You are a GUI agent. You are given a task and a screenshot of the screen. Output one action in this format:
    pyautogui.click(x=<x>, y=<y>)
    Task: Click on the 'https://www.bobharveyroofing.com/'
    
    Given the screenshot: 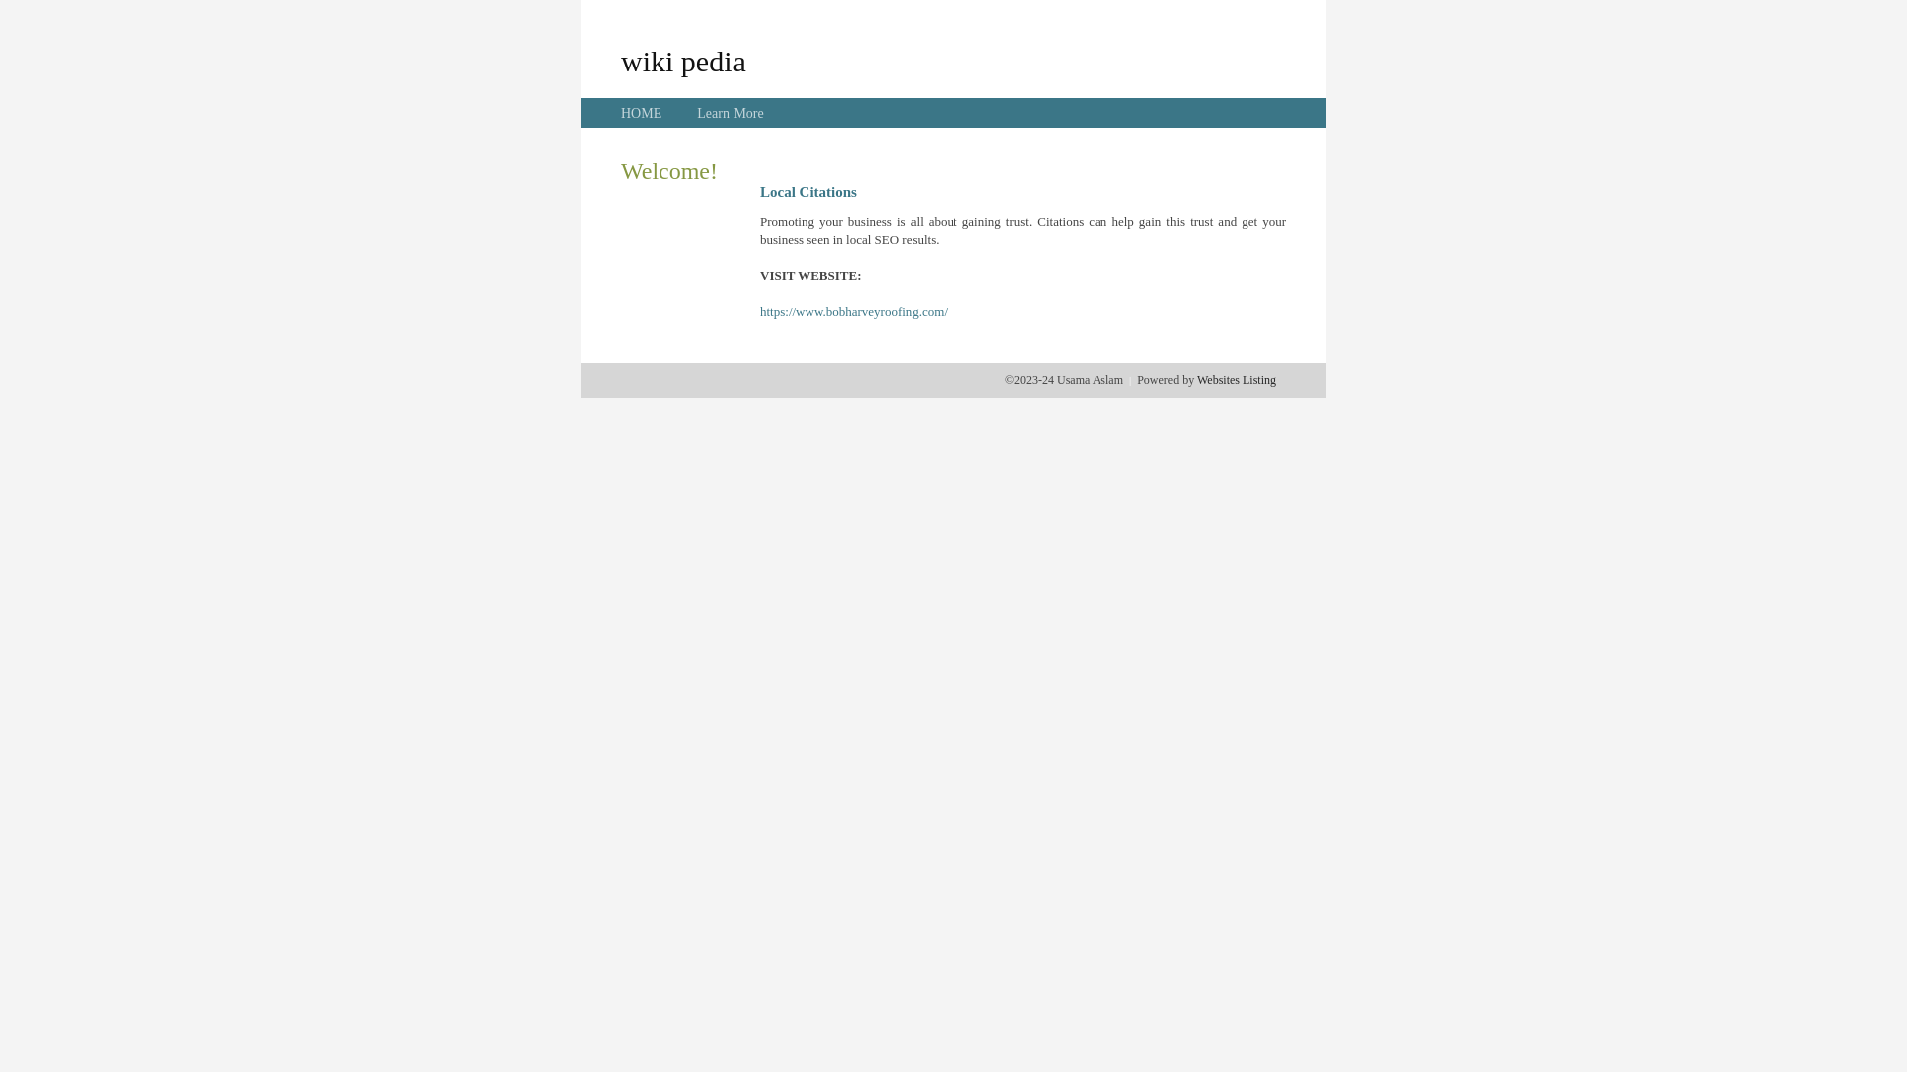 What is the action you would take?
    pyautogui.click(x=853, y=311)
    